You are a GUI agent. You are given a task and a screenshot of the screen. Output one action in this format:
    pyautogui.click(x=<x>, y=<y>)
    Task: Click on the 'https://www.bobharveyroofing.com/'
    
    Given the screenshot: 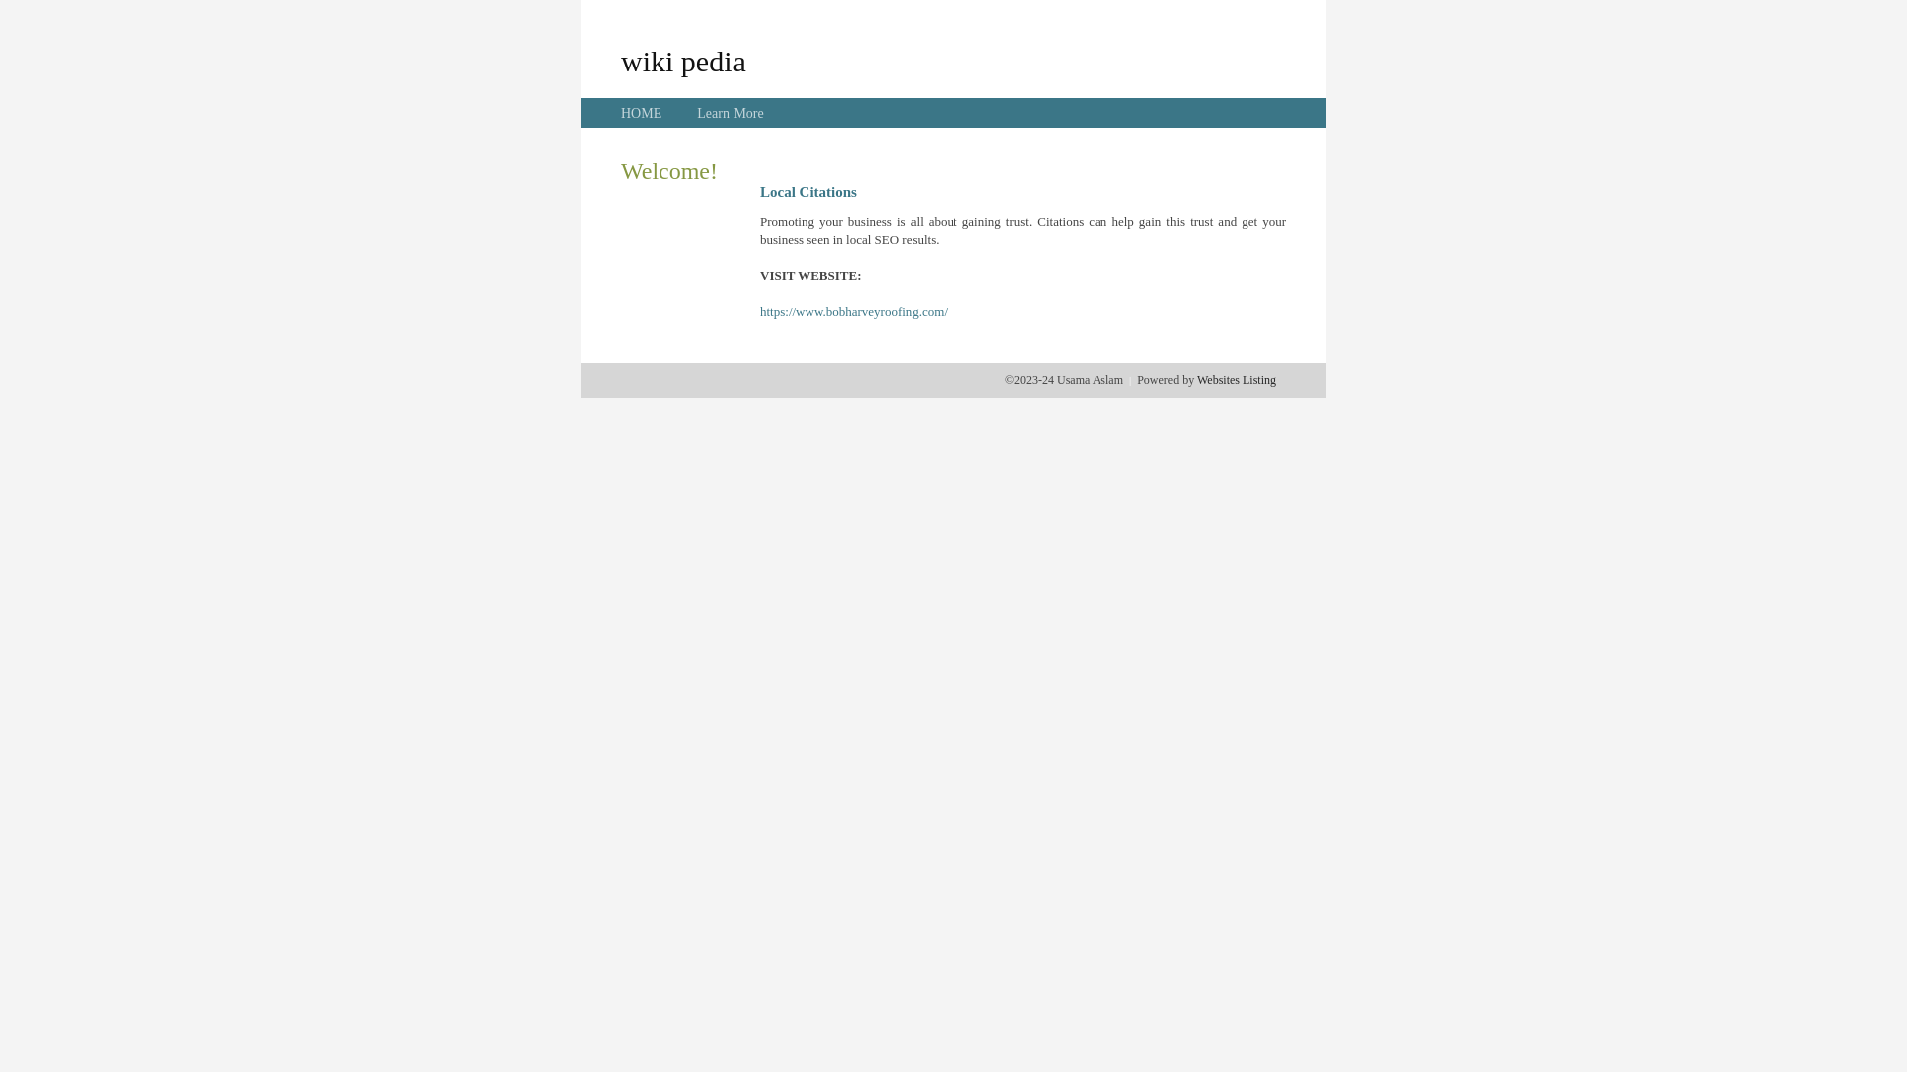 What is the action you would take?
    pyautogui.click(x=853, y=311)
    